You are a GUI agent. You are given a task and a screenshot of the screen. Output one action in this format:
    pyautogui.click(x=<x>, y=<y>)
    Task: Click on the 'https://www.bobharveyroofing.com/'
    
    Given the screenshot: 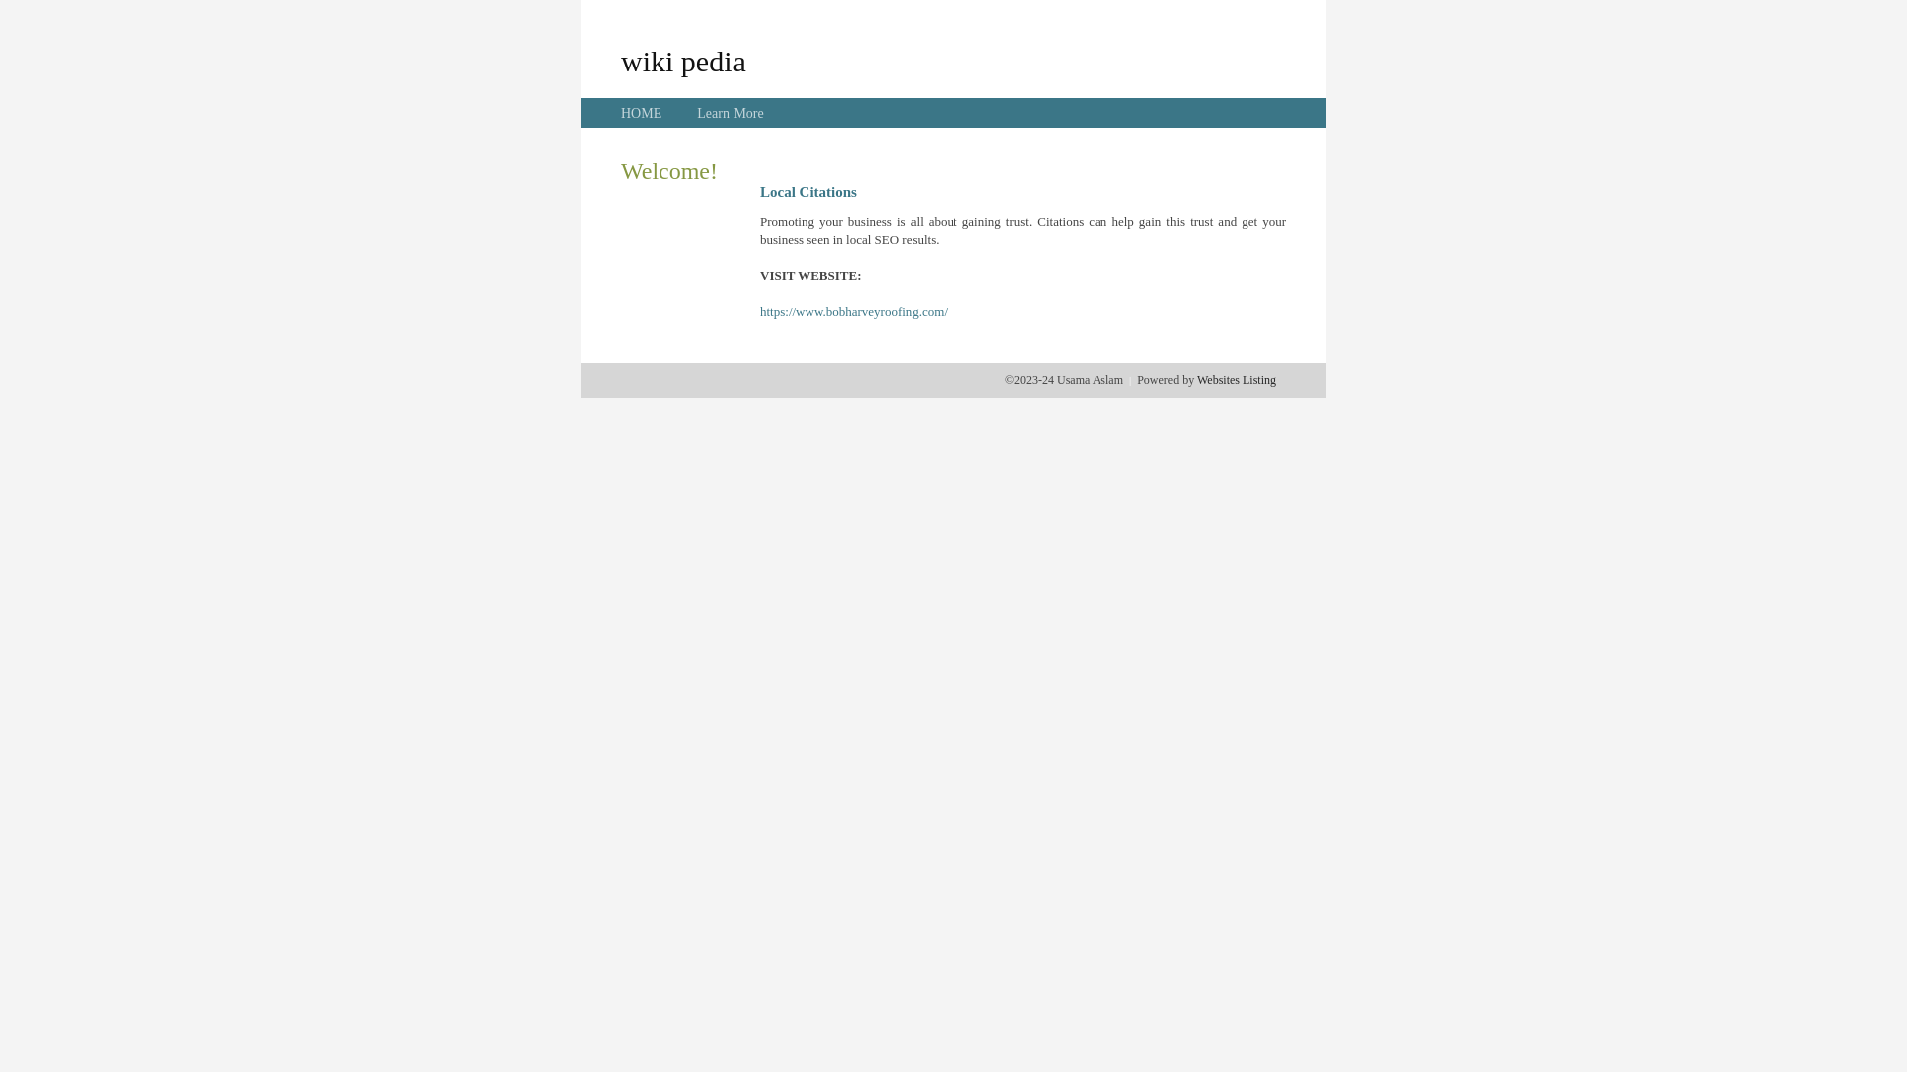 What is the action you would take?
    pyautogui.click(x=853, y=311)
    